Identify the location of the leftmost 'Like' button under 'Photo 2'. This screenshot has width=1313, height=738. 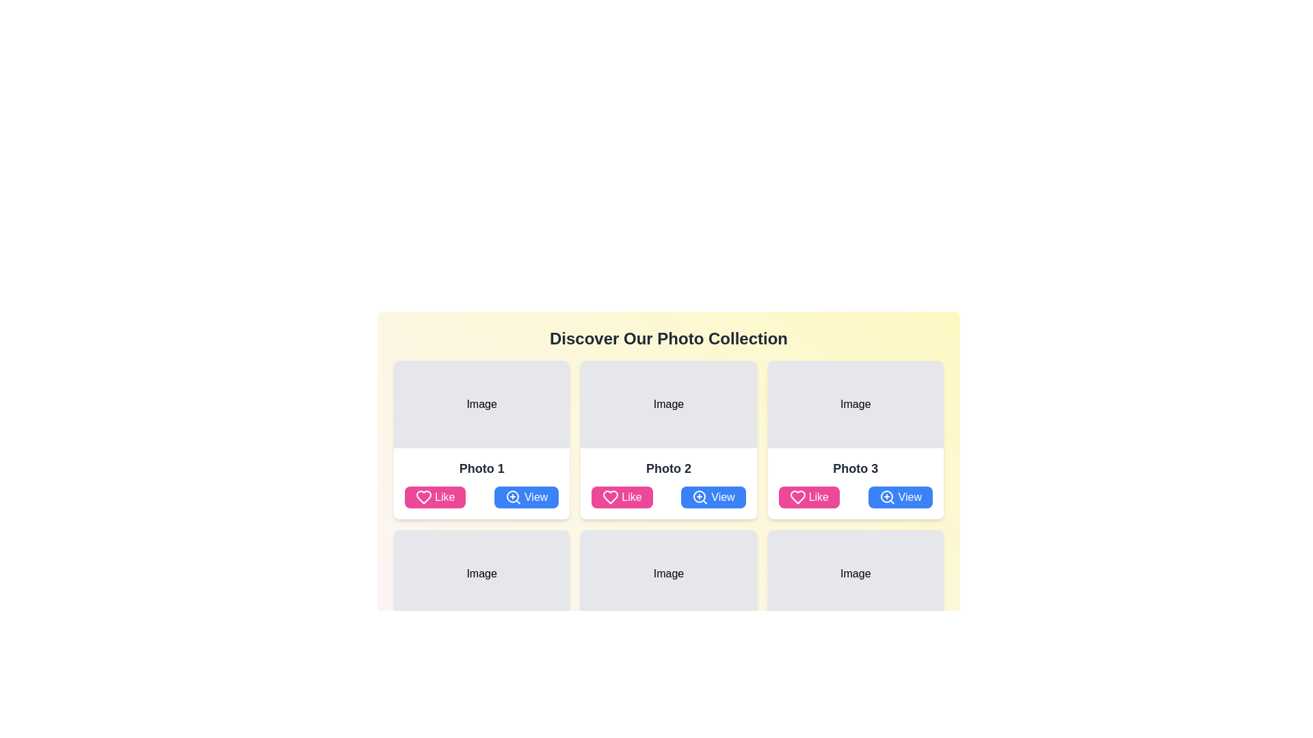
(622, 497).